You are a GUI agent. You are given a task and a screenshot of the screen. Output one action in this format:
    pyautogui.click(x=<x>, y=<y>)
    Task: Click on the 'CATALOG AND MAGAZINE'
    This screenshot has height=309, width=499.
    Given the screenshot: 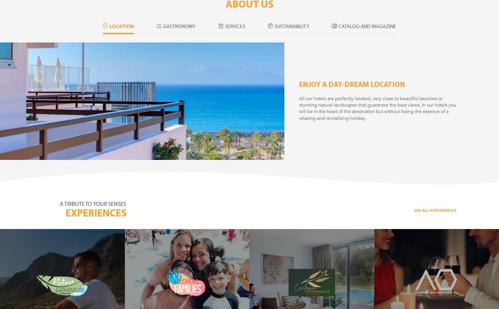 What is the action you would take?
    pyautogui.click(x=367, y=26)
    